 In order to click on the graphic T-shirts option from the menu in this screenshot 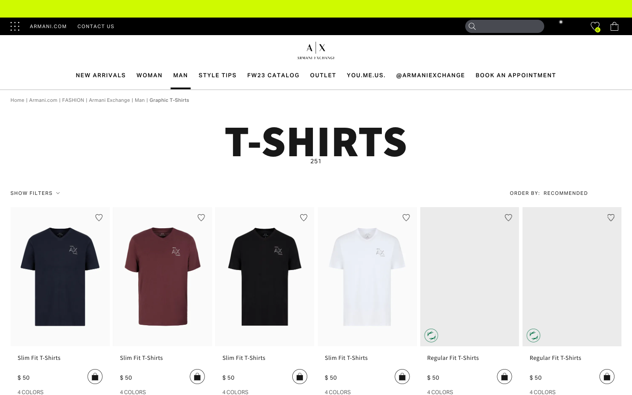, I will do `click(169, 99)`.